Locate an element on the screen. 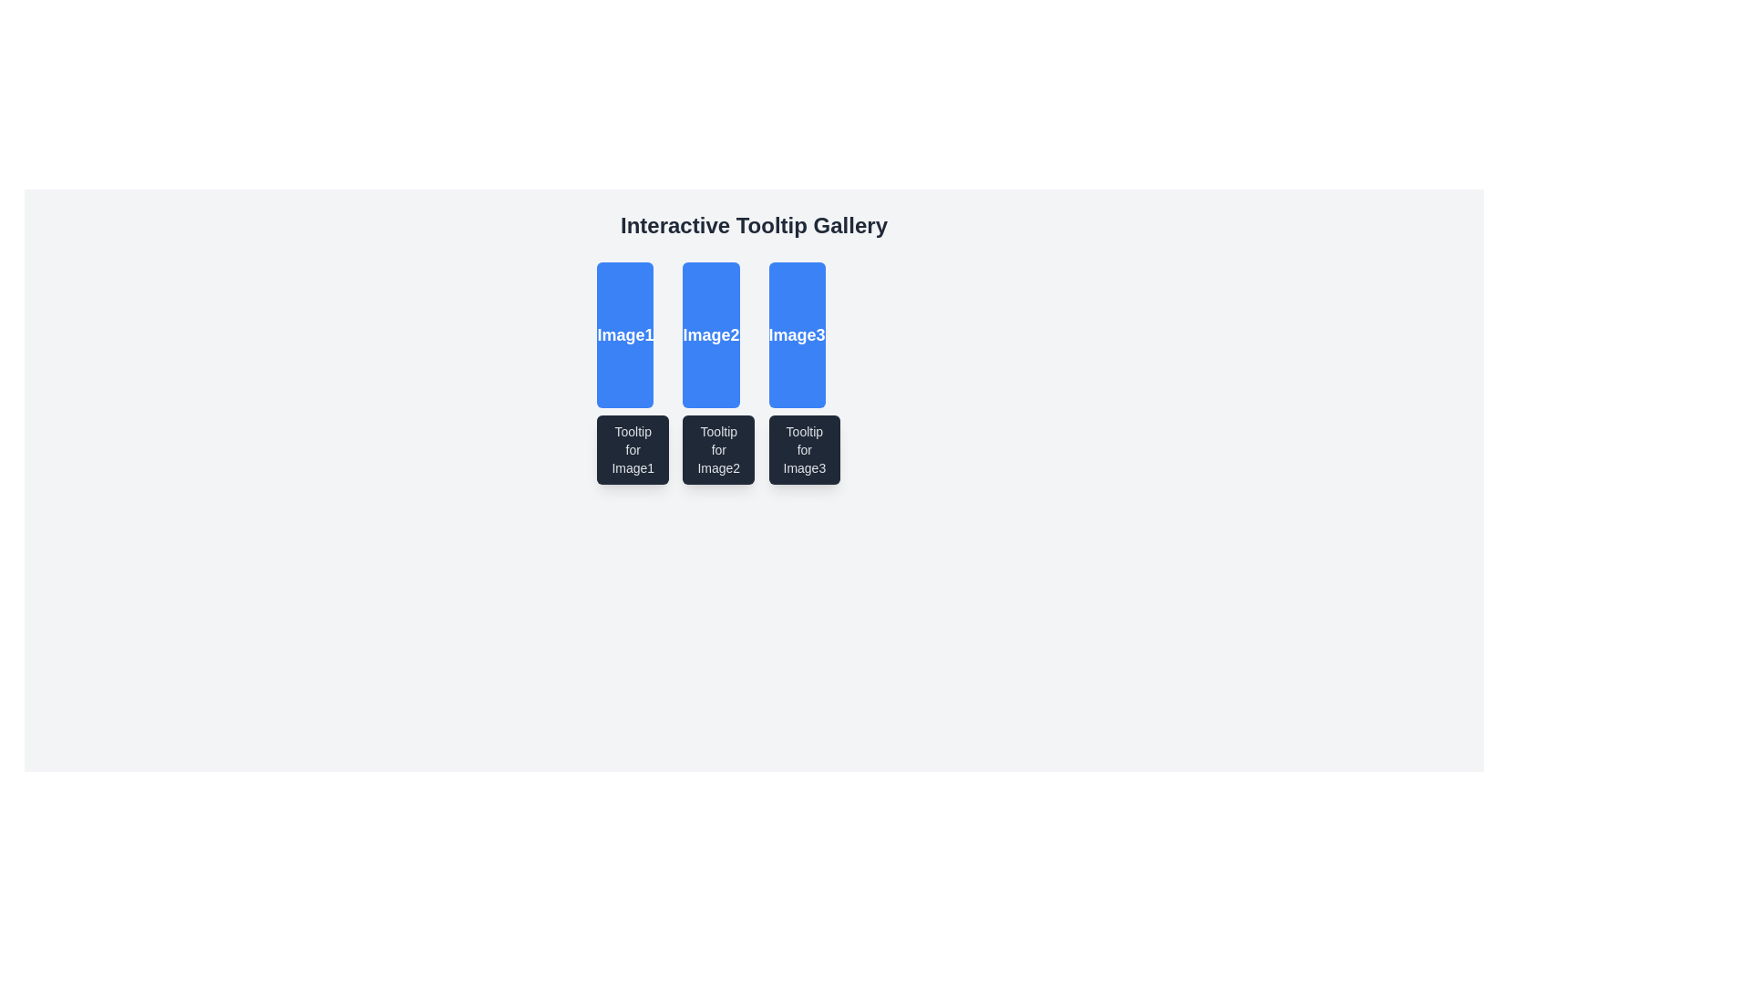 Image resolution: width=1750 pixels, height=984 pixels. the tooltip that provides additional information related to the 'Image2' label, which is positioned directly below 'Image2' is located at coordinates (717, 449).